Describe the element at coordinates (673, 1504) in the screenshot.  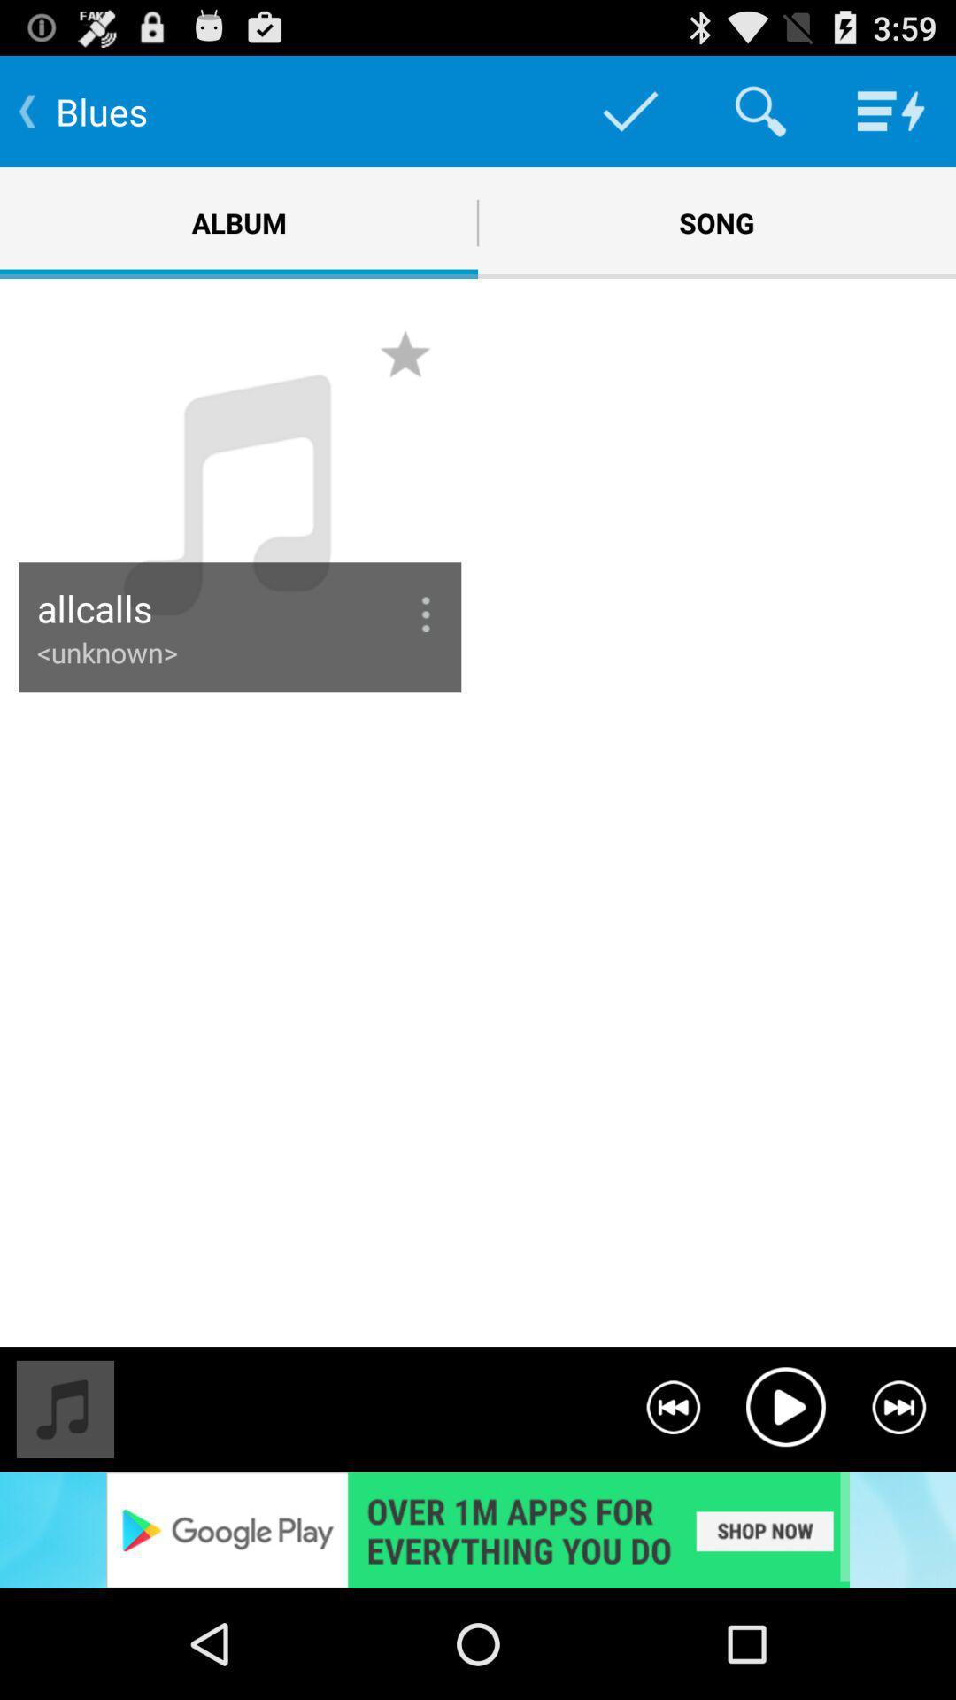
I see `the skip_previous icon` at that location.